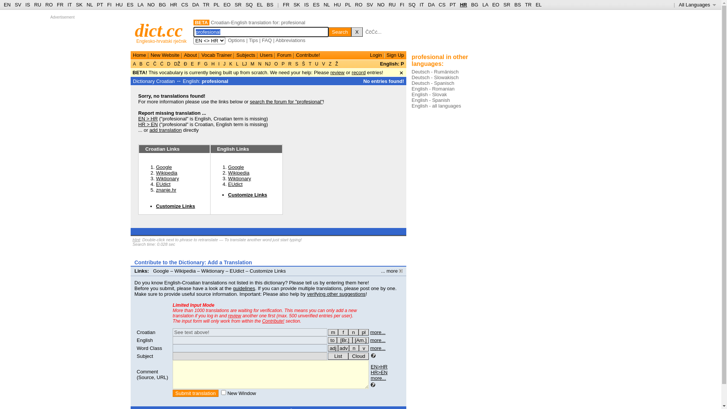  Describe the element at coordinates (230, 64) in the screenshot. I see `'K'` at that location.